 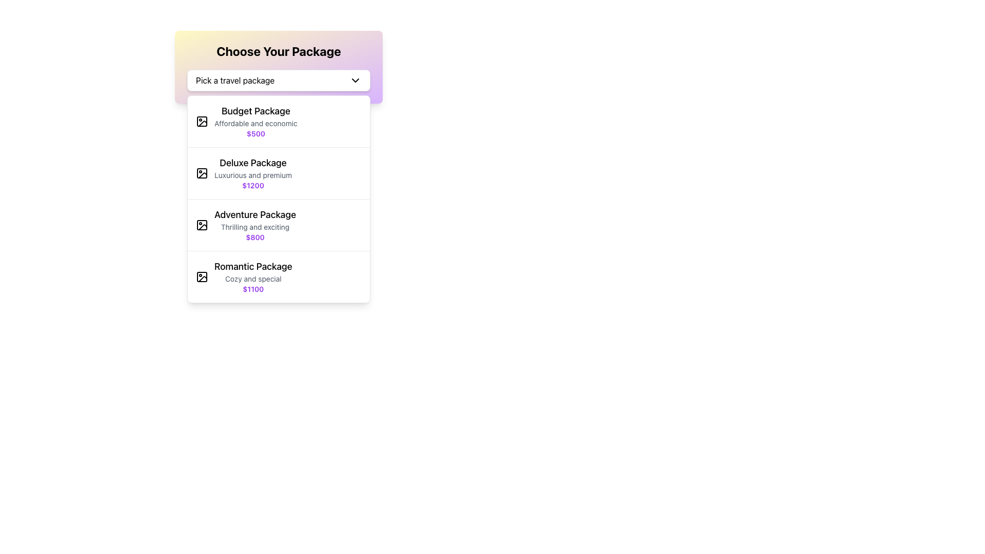 I want to click on the 'Deluxe Package' menu item, so click(x=279, y=173).